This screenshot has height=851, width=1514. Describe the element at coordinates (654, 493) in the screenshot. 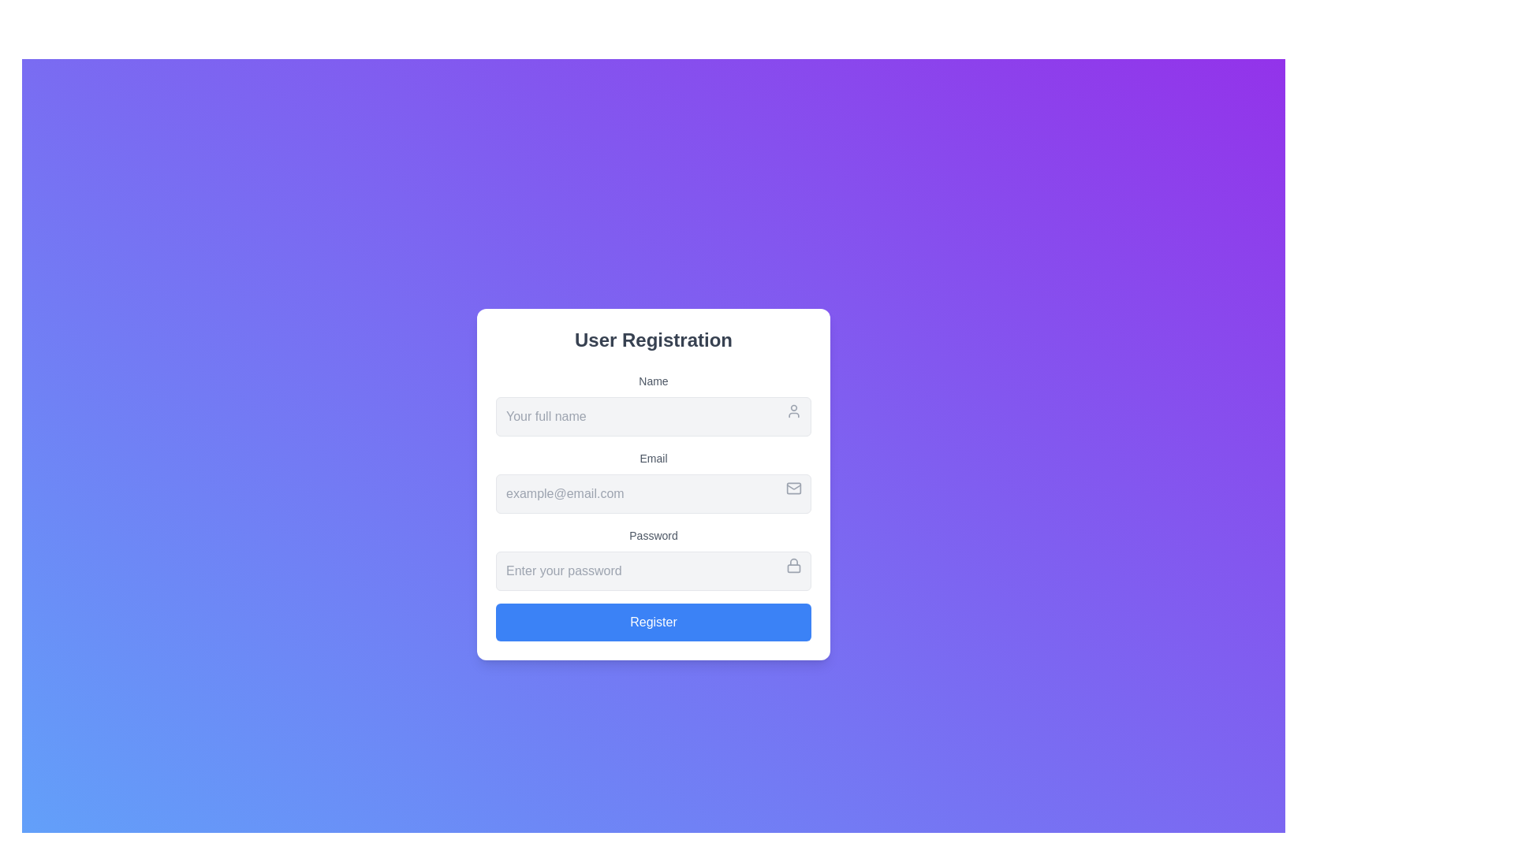

I see `the email input field located in the 'Email' section of the form to focus on it` at that location.